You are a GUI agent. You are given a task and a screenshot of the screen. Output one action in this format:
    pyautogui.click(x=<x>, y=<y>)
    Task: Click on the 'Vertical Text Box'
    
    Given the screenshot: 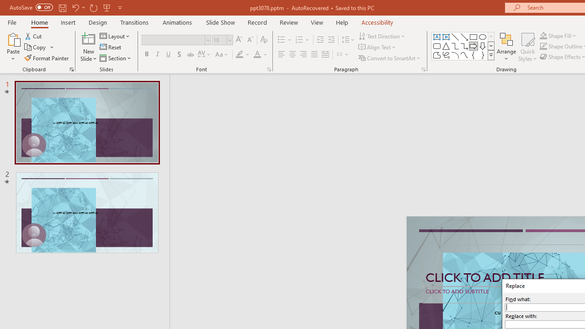 What is the action you would take?
    pyautogui.click(x=446, y=37)
    